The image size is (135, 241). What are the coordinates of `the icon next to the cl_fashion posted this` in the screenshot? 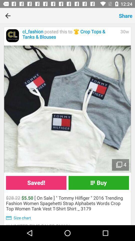 It's located at (12, 35).